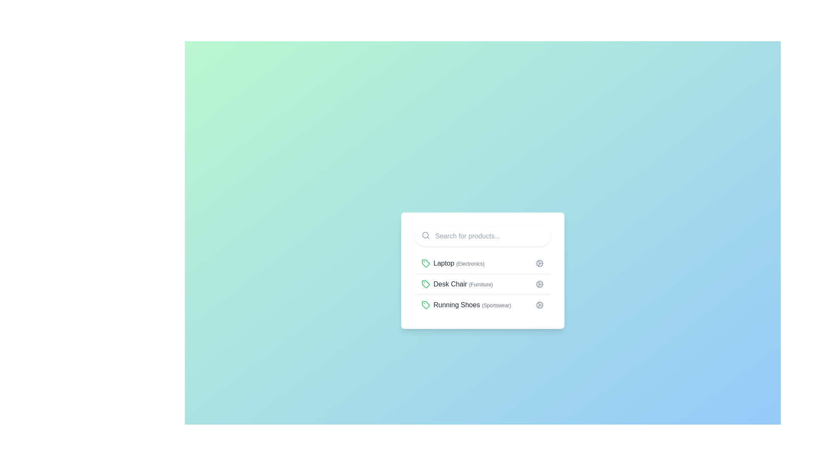 The width and height of the screenshot is (816, 459). I want to click on the first item, so click(452, 263).